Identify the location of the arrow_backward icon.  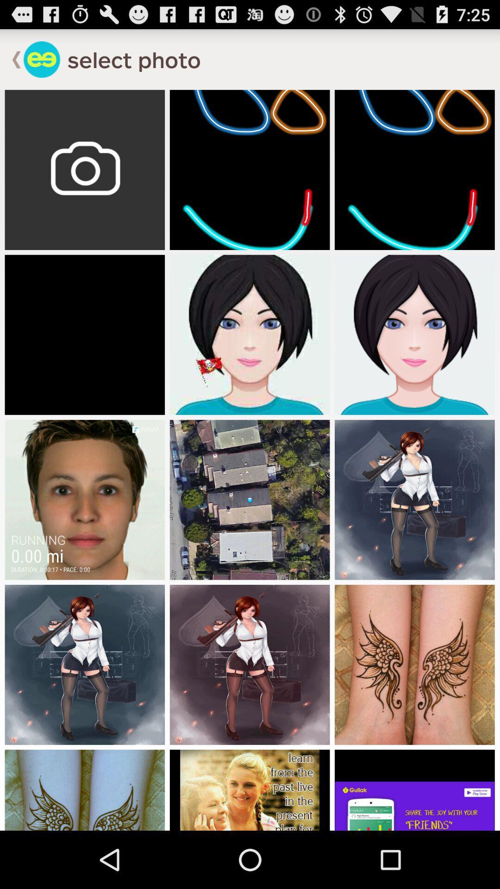
(12, 63).